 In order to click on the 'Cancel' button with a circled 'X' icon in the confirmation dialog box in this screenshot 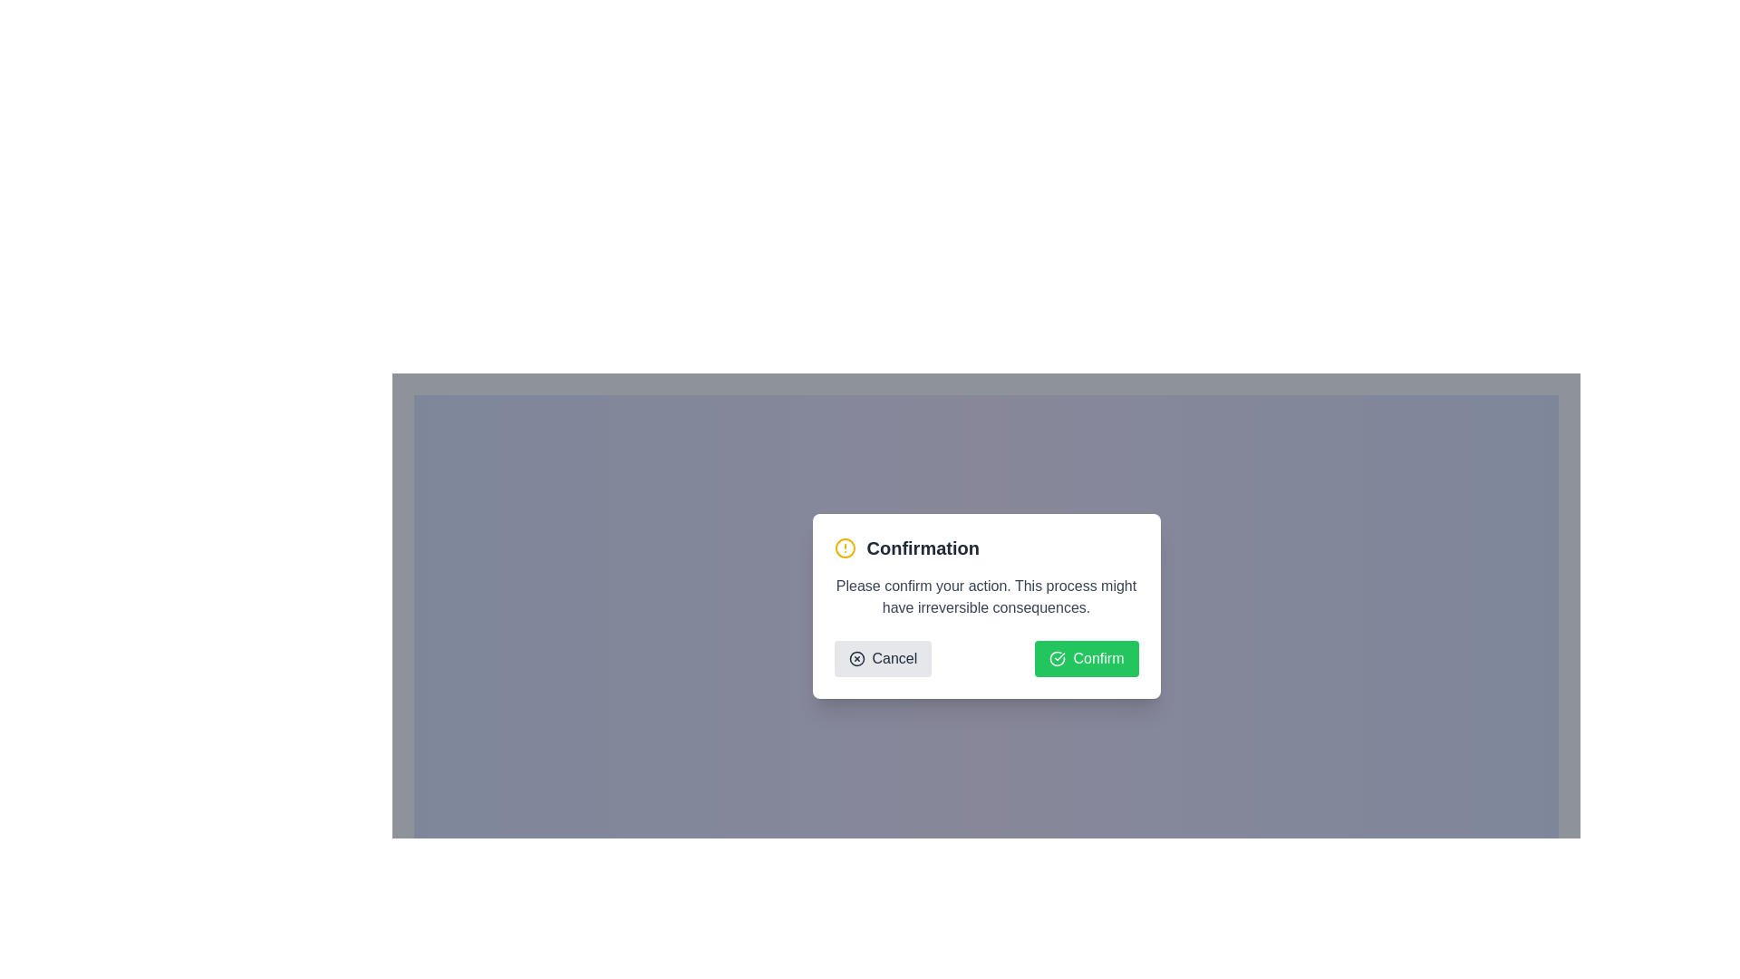, I will do `click(883, 658)`.